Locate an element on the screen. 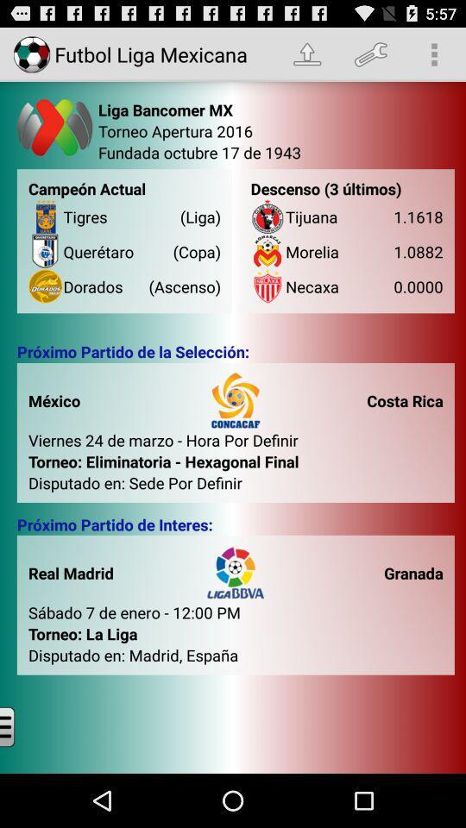 The height and width of the screenshot is (828, 466). icon left to the text queretaro is located at coordinates (46, 251).